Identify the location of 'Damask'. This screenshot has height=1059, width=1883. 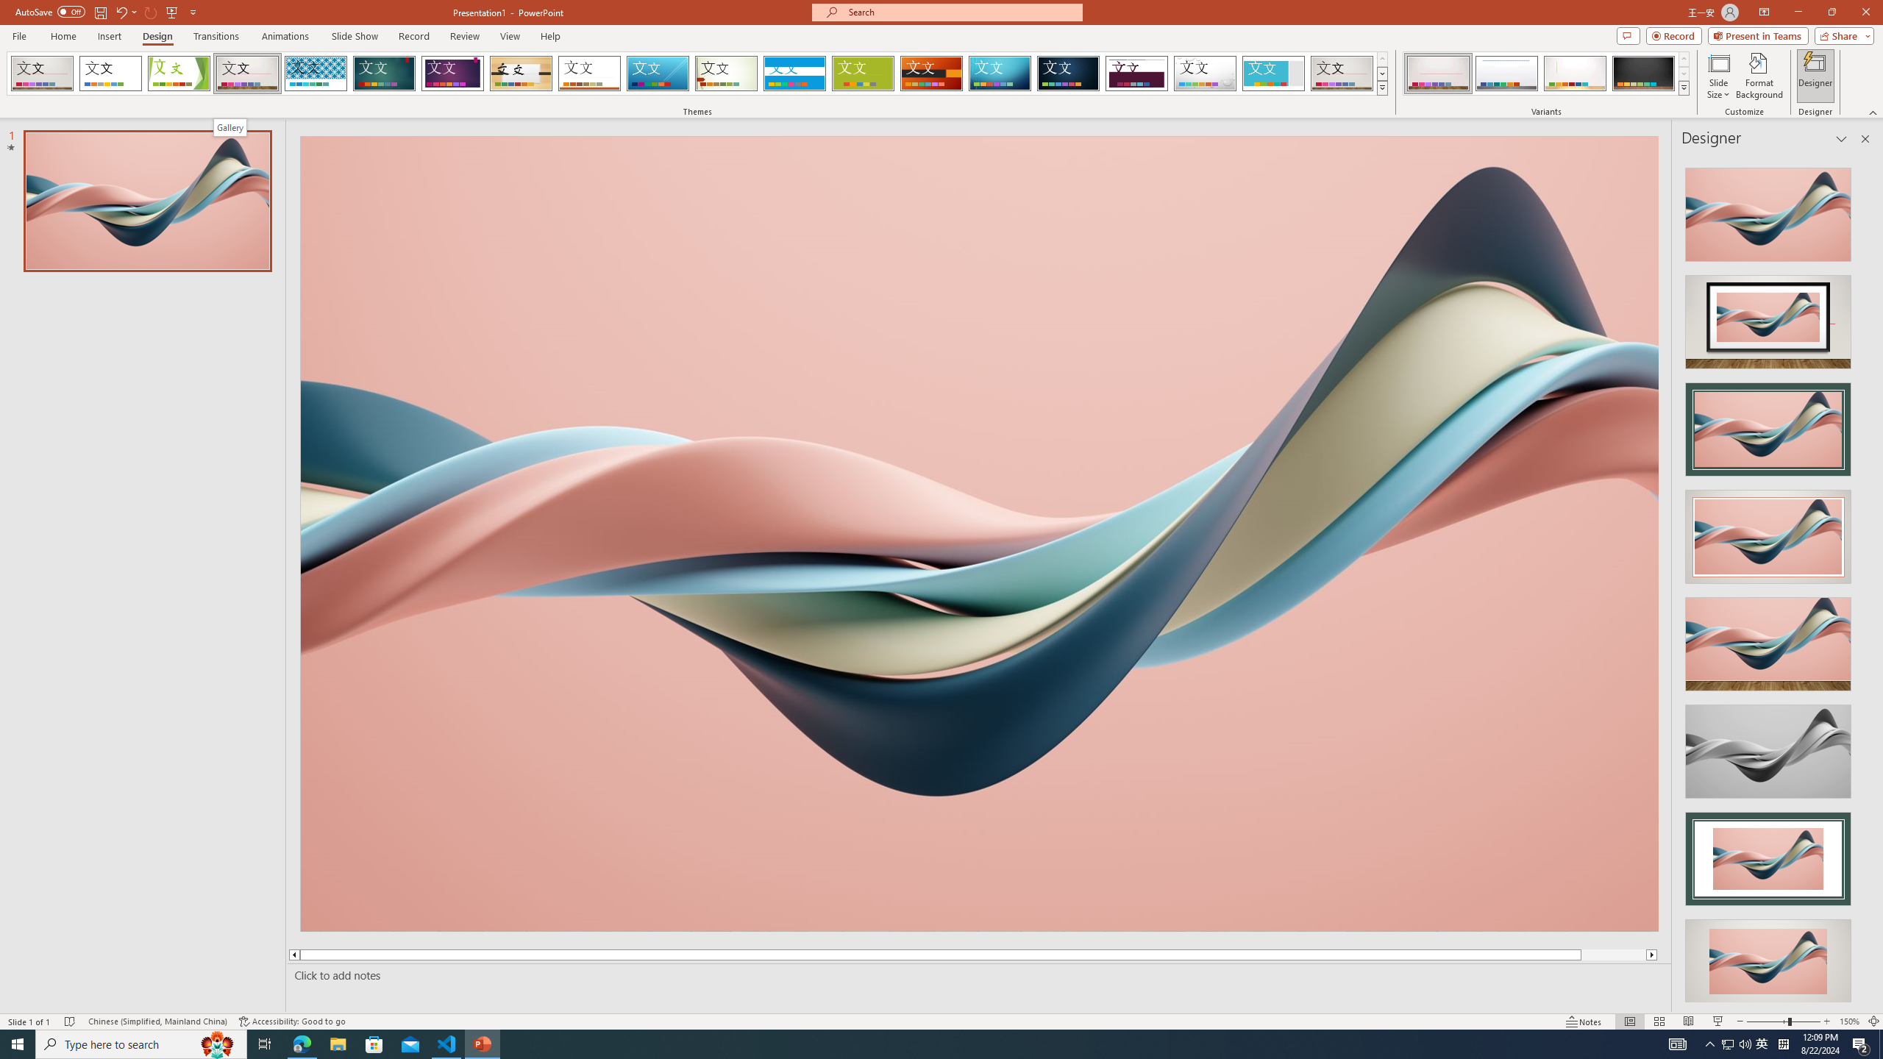
(1067, 73).